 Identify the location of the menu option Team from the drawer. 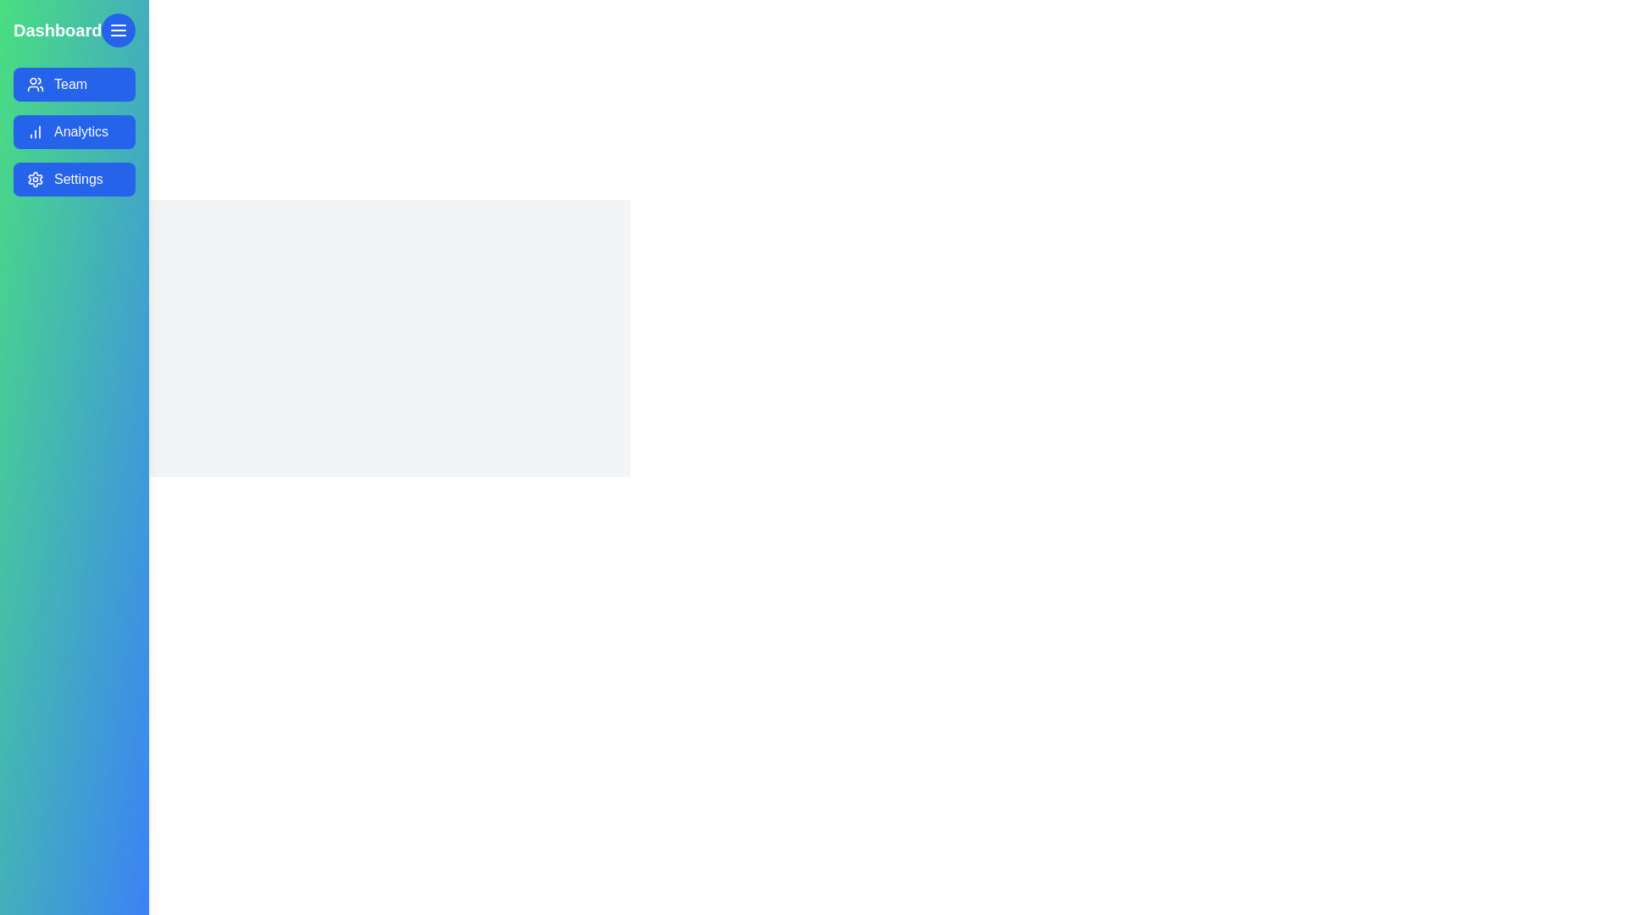
(73, 85).